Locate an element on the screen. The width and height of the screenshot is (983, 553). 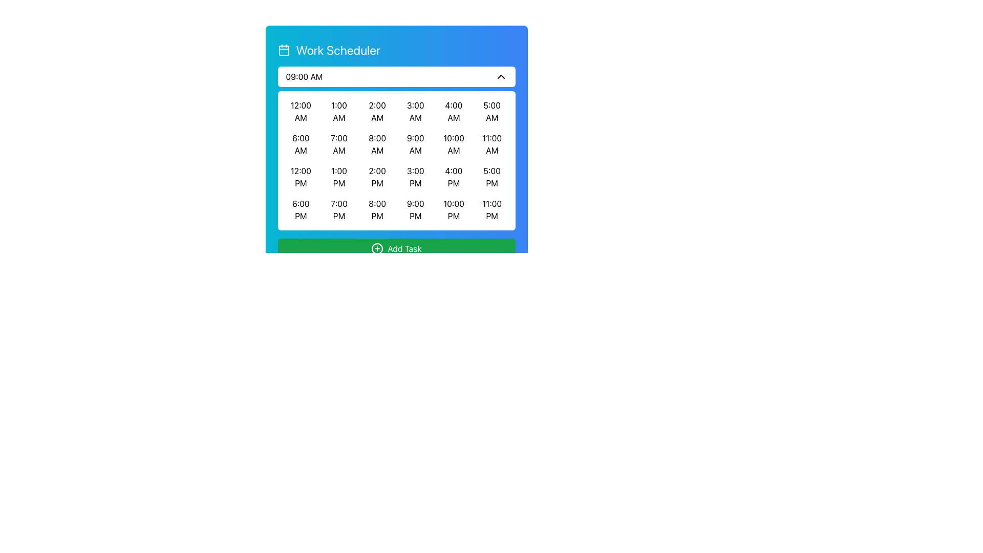
the upward-pointing chevron icon located to the right of the displayed time '09:00 AM' is located at coordinates (501, 76).